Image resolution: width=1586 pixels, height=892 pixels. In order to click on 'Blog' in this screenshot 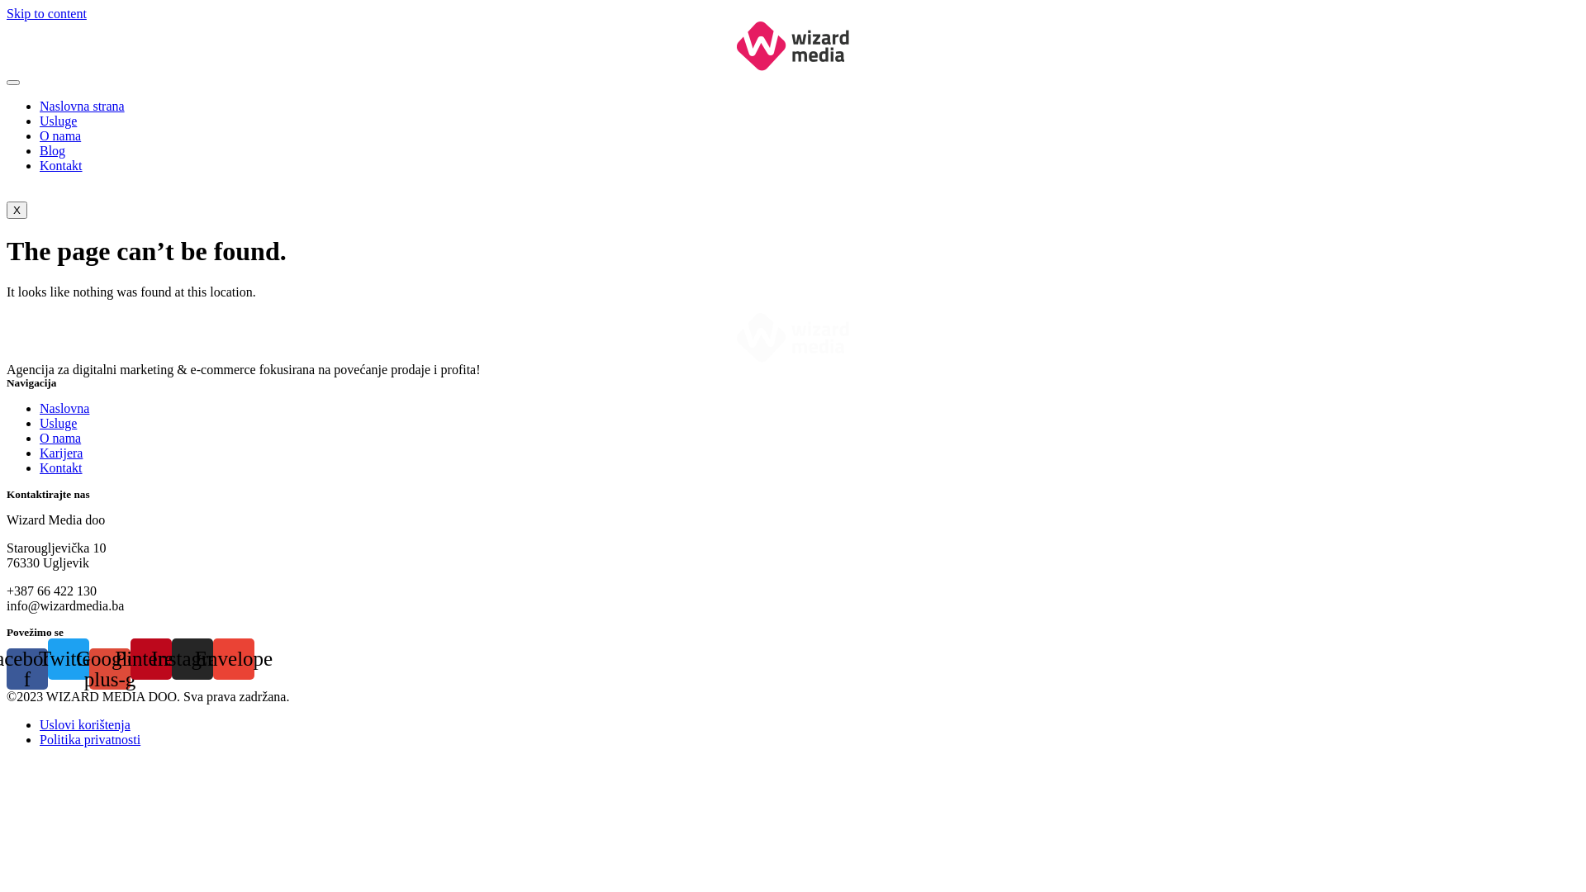, I will do `click(52, 150)`.